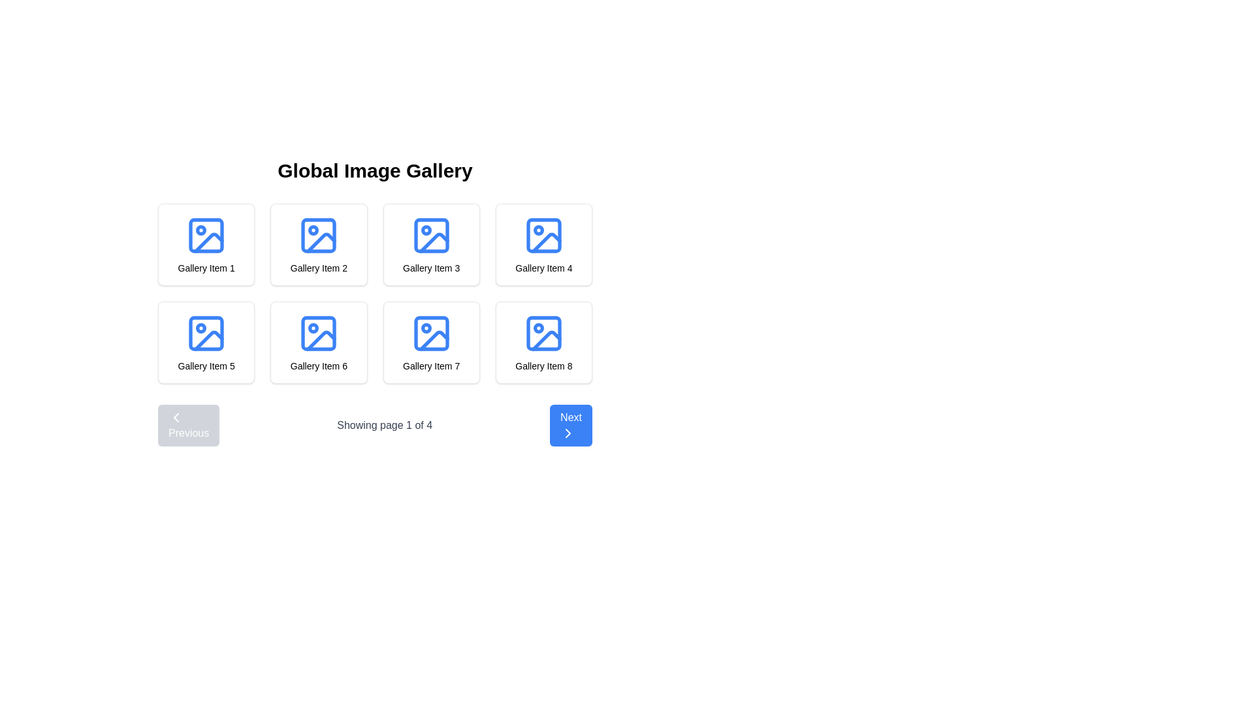 This screenshot has height=705, width=1254. What do you see at coordinates (384, 425) in the screenshot?
I see `the static text label displaying 'Showing page 1 of 4', which is centrally located between the 'Previous' and 'Next' buttons in the pagination interface` at bounding box center [384, 425].